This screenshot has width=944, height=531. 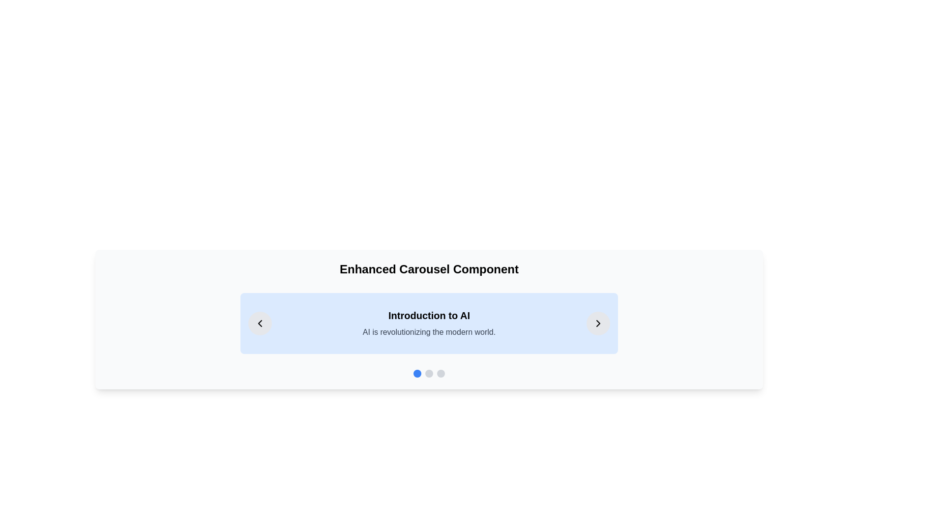 What do you see at coordinates (417, 373) in the screenshot?
I see `the first circular Navigation indicator dot located below the carousel, which indicates the currently visible slide` at bounding box center [417, 373].